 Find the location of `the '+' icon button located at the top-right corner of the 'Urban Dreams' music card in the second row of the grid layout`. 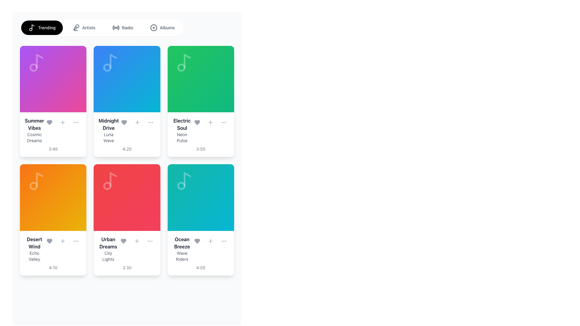

the '+' icon button located at the top-right corner of the 'Urban Dreams' music card in the second row of the grid layout is located at coordinates (136, 241).